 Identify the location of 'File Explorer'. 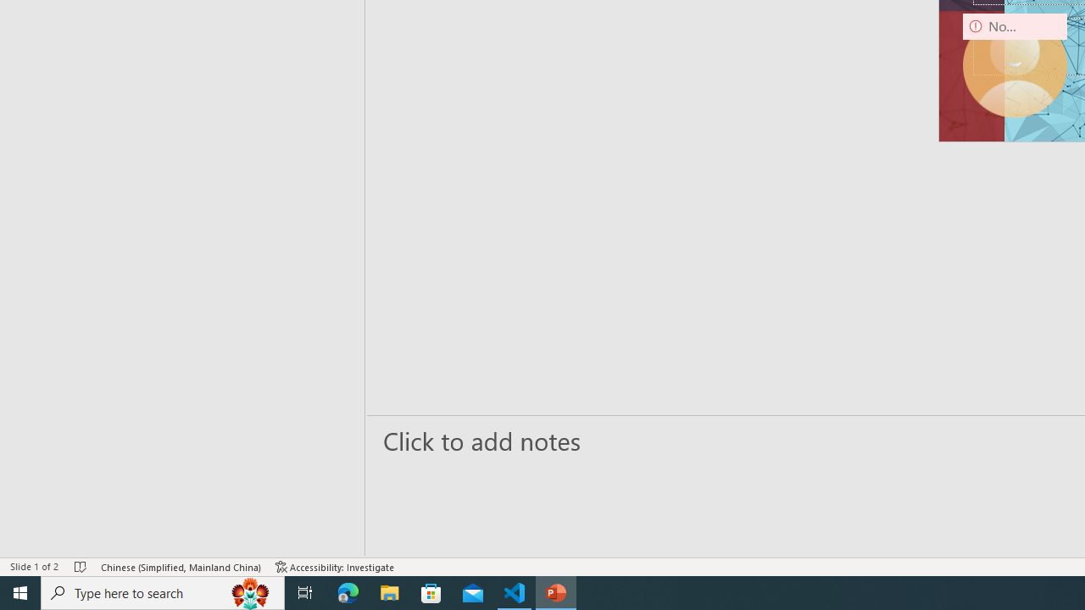
(389, 591).